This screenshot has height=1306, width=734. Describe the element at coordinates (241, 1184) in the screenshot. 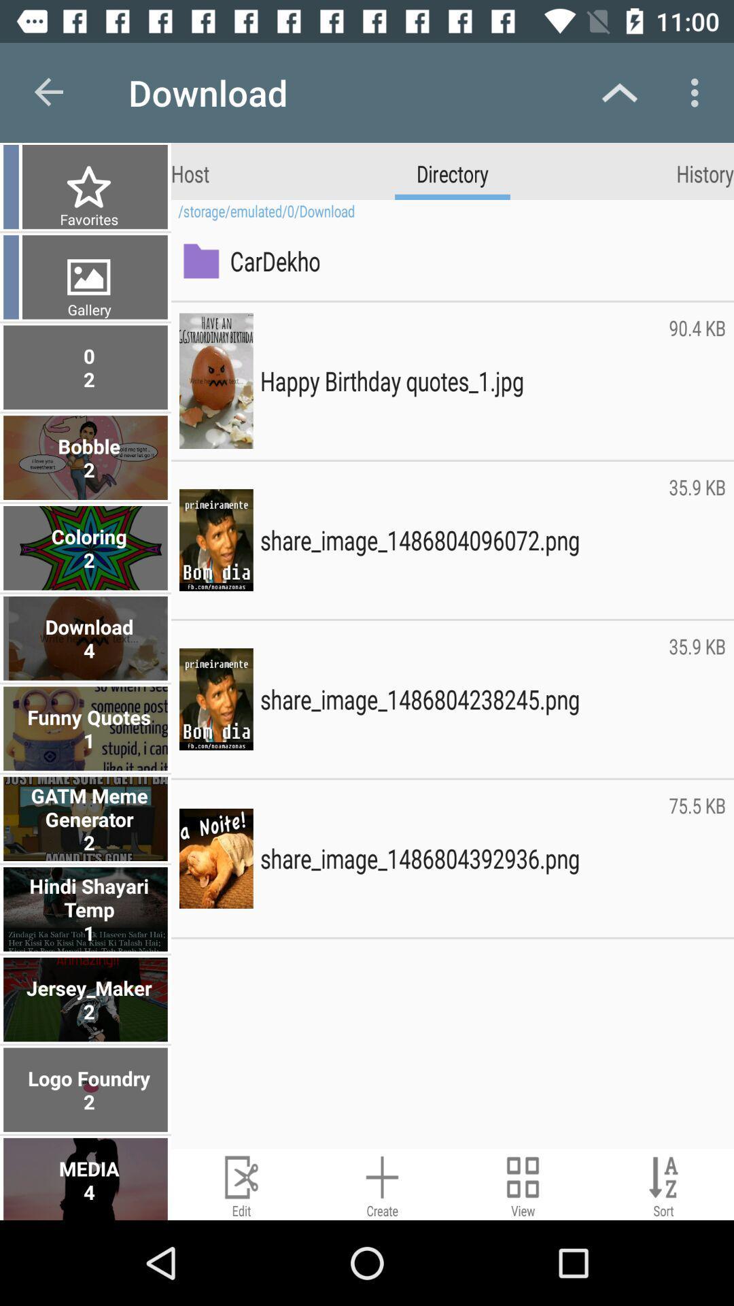

I see `edit pictures` at that location.